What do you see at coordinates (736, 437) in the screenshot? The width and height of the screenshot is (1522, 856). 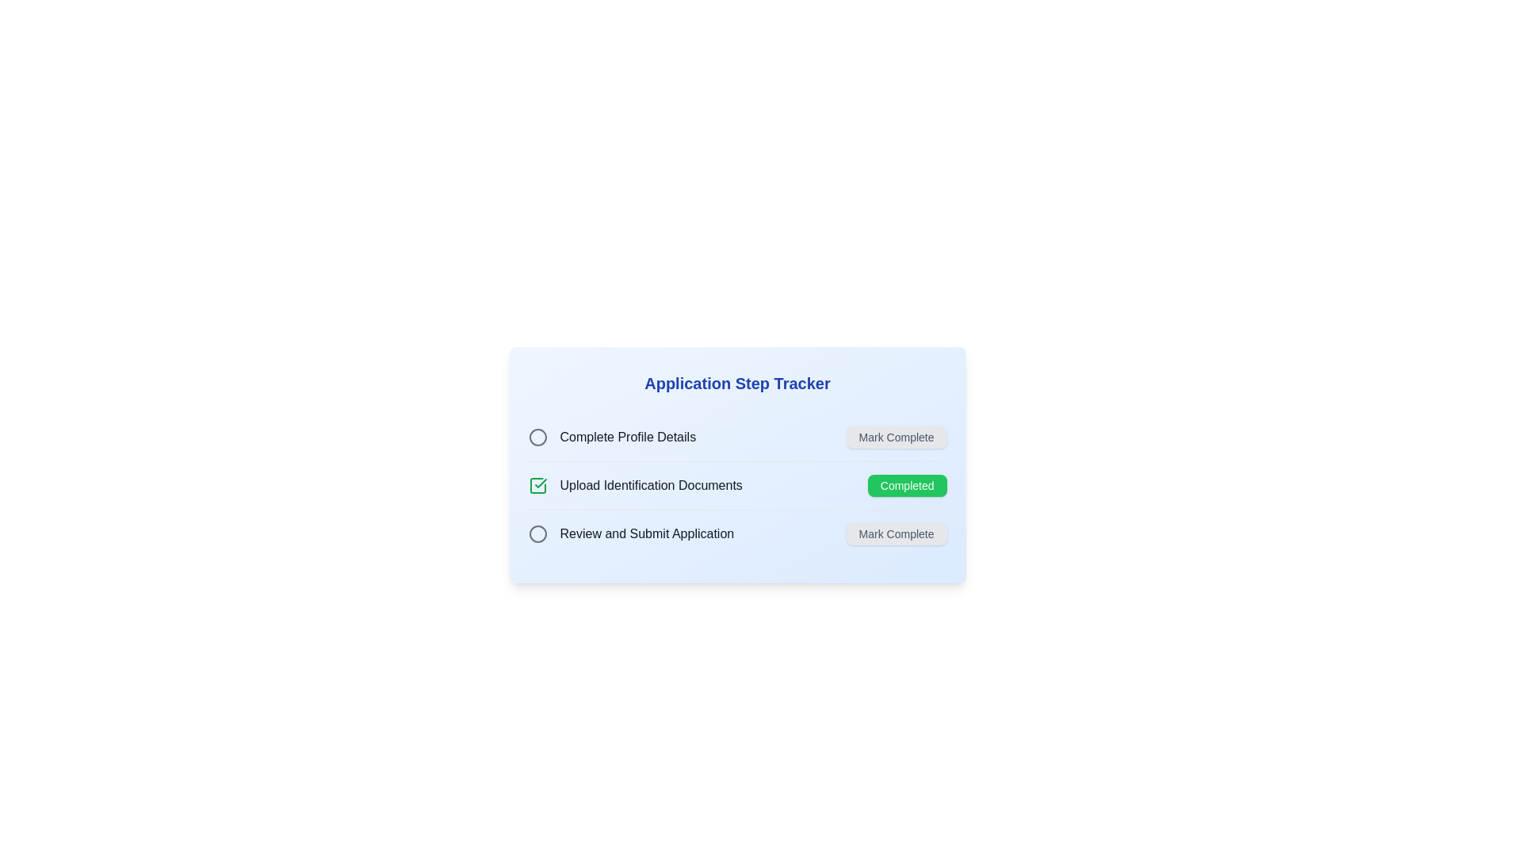 I see `the section of the List item labeled 'Complete Profile Details' which contains the button 'Mark Complete' positioned in the 'Application Step Tracker'` at bounding box center [736, 437].